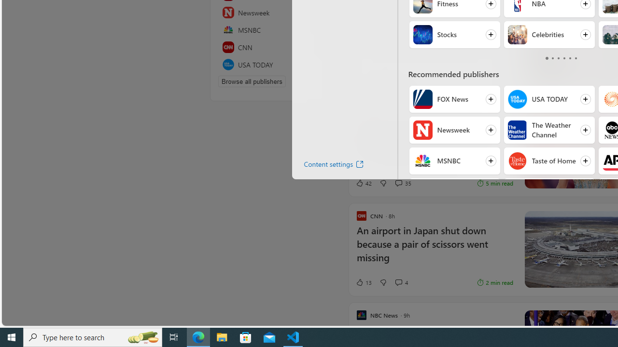 Image resolution: width=618 pixels, height=347 pixels. I want to click on 'View comments 4 Comment', so click(398, 282).